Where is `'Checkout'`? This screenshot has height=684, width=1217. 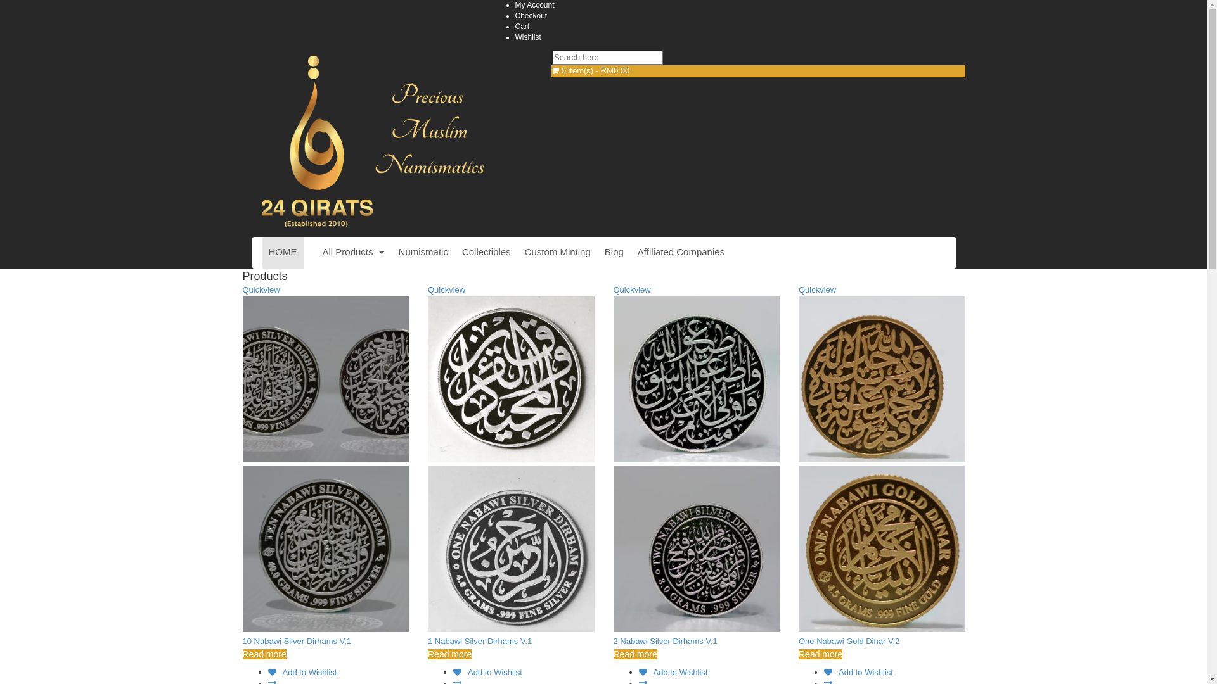
'Checkout' is located at coordinates (531, 15).